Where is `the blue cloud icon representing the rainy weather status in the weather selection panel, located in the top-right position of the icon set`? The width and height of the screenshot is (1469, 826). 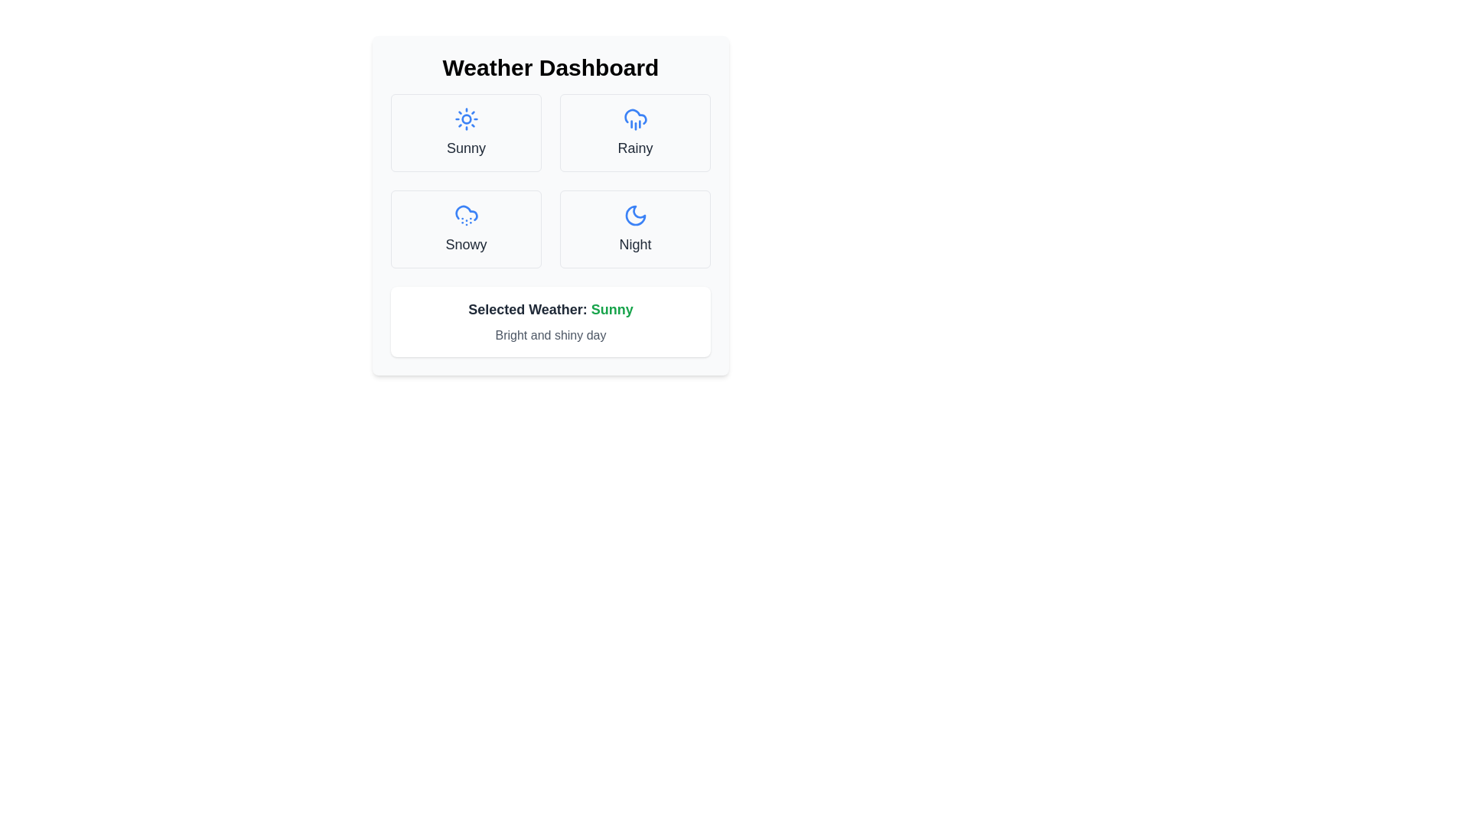
the blue cloud icon representing the rainy weather status in the weather selection panel, located in the top-right position of the icon set is located at coordinates (635, 115).